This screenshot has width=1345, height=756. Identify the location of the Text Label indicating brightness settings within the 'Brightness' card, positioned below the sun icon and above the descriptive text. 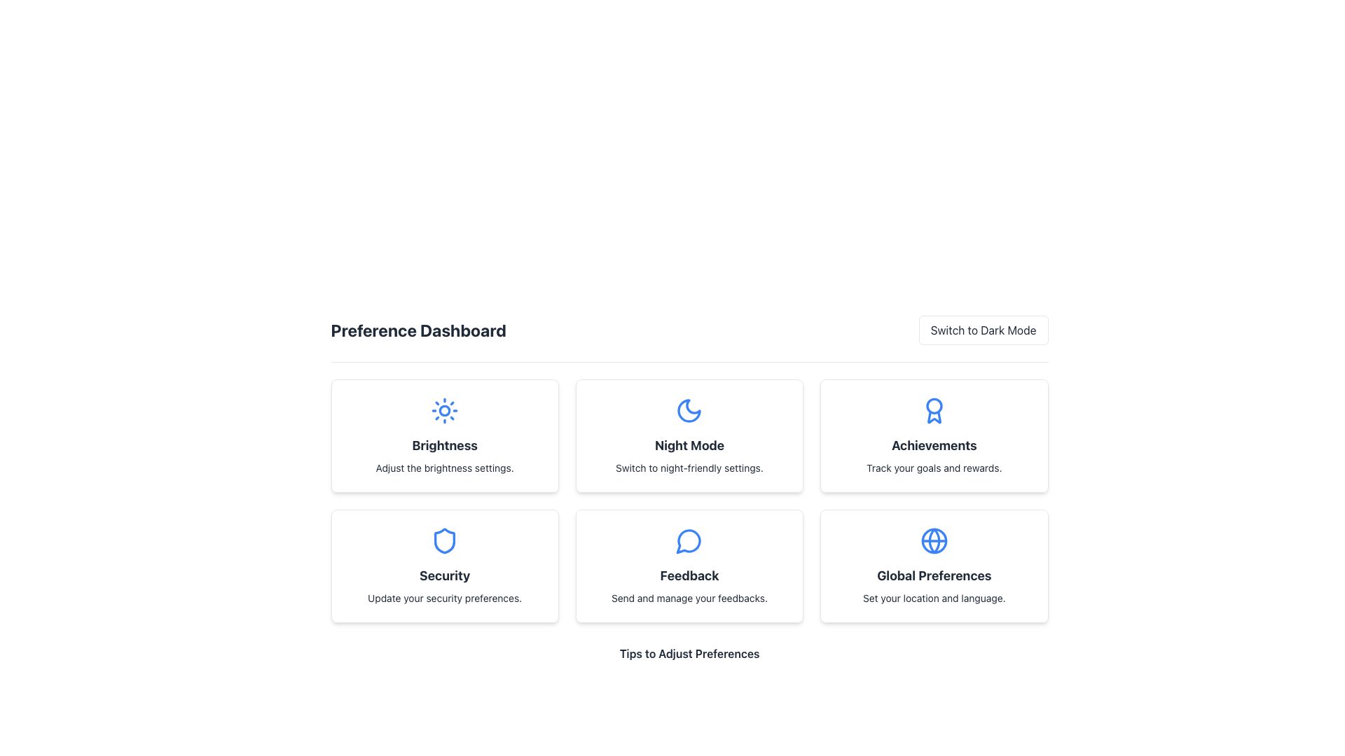
(444, 445).